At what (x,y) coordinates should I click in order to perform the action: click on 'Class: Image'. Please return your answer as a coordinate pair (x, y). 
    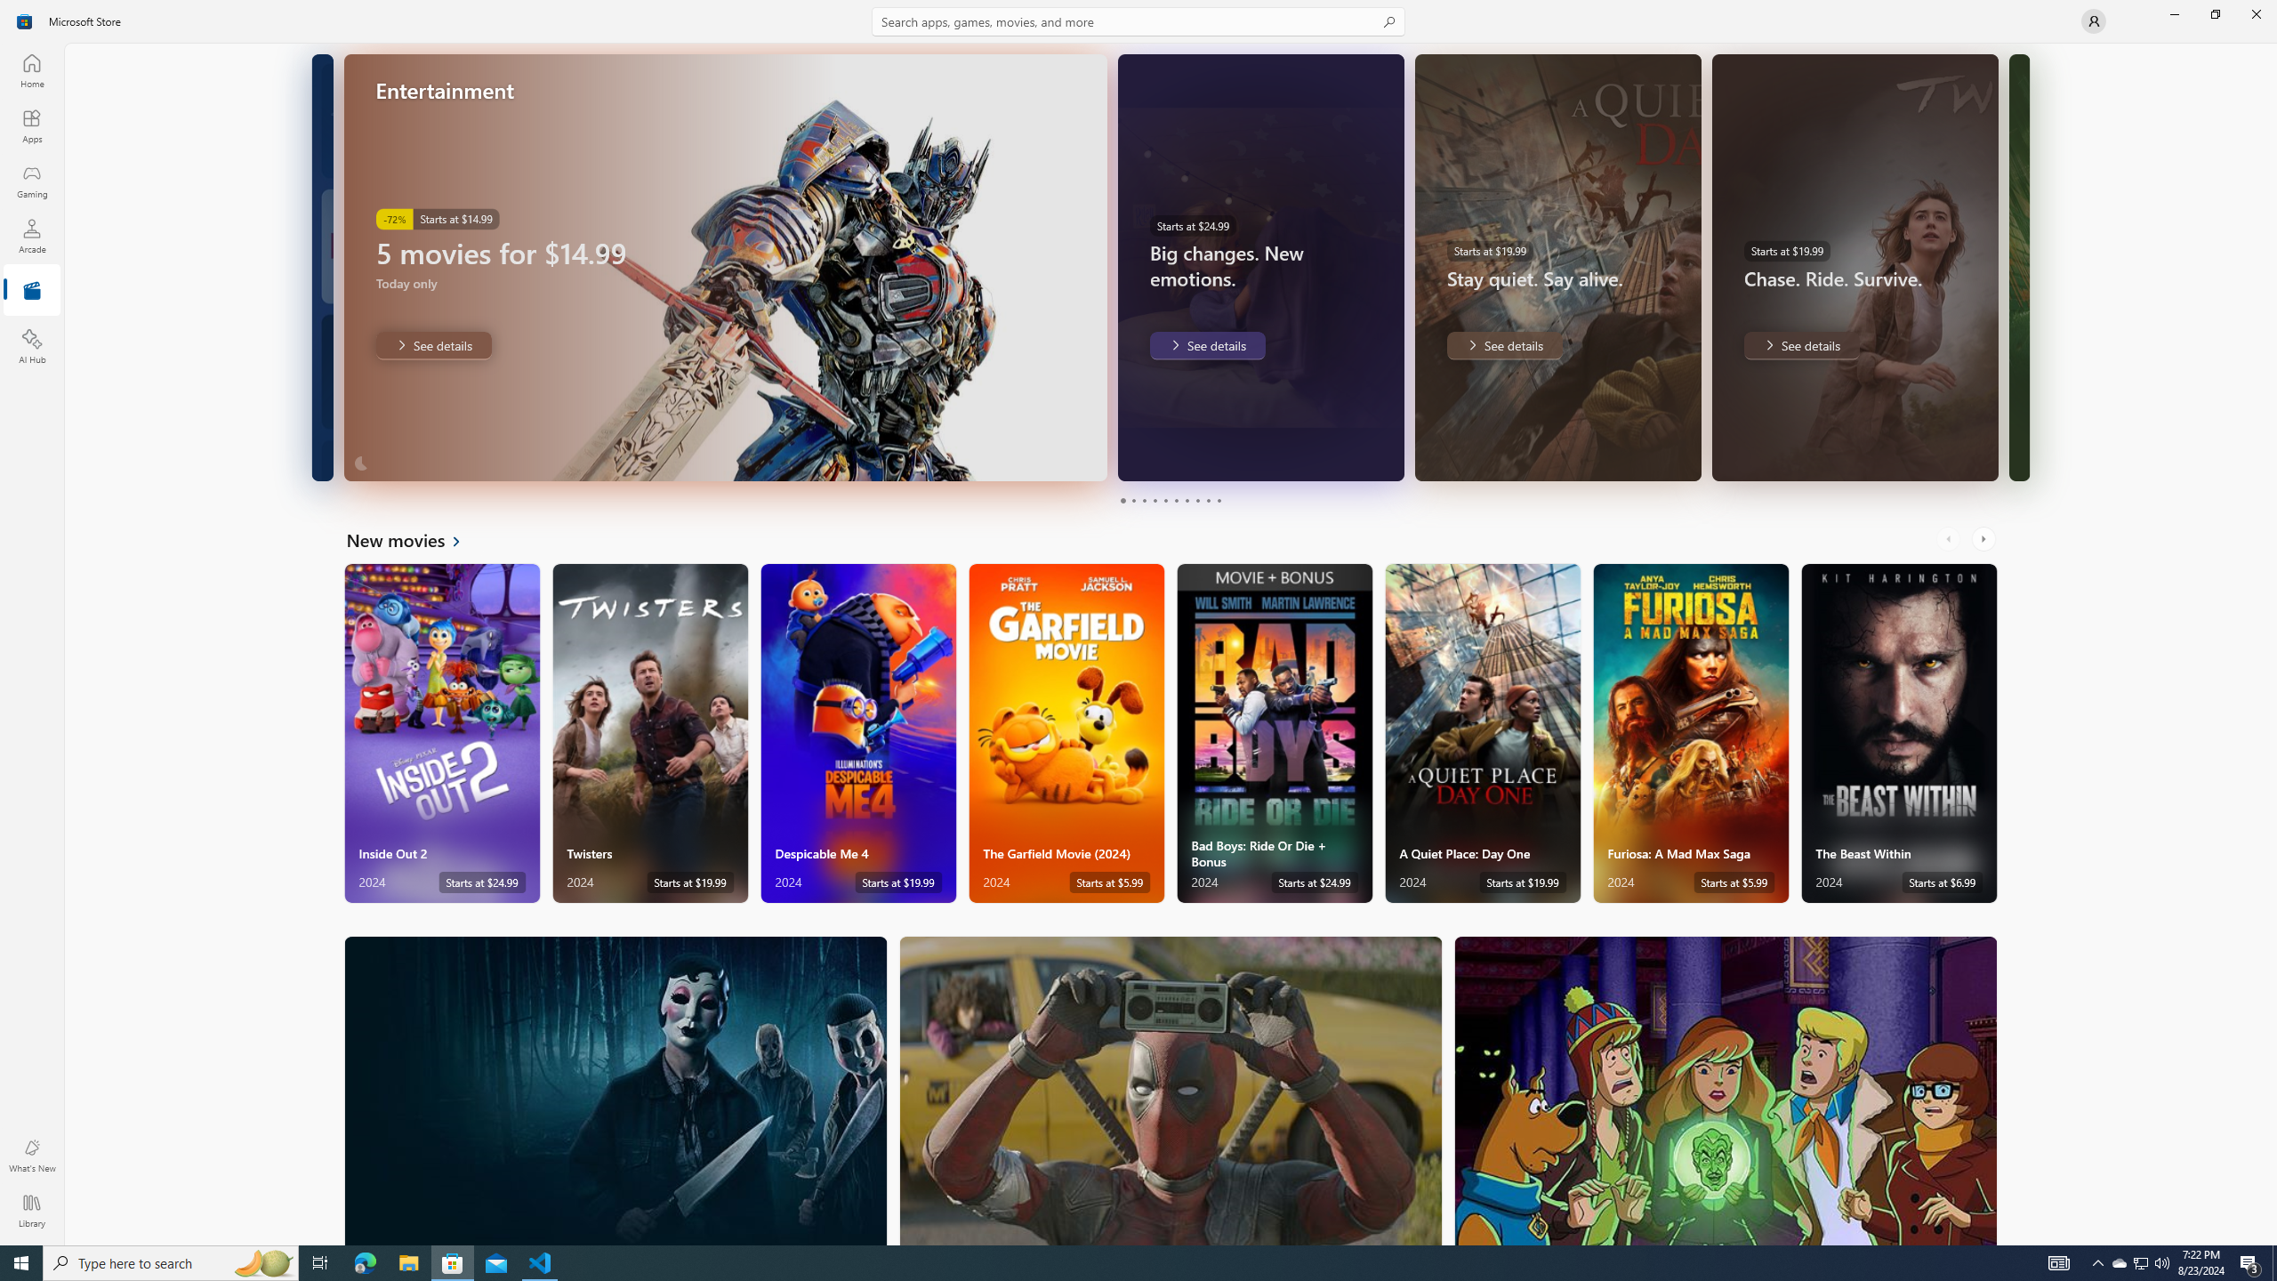
    Looking at the image, I should click on (25, 20).